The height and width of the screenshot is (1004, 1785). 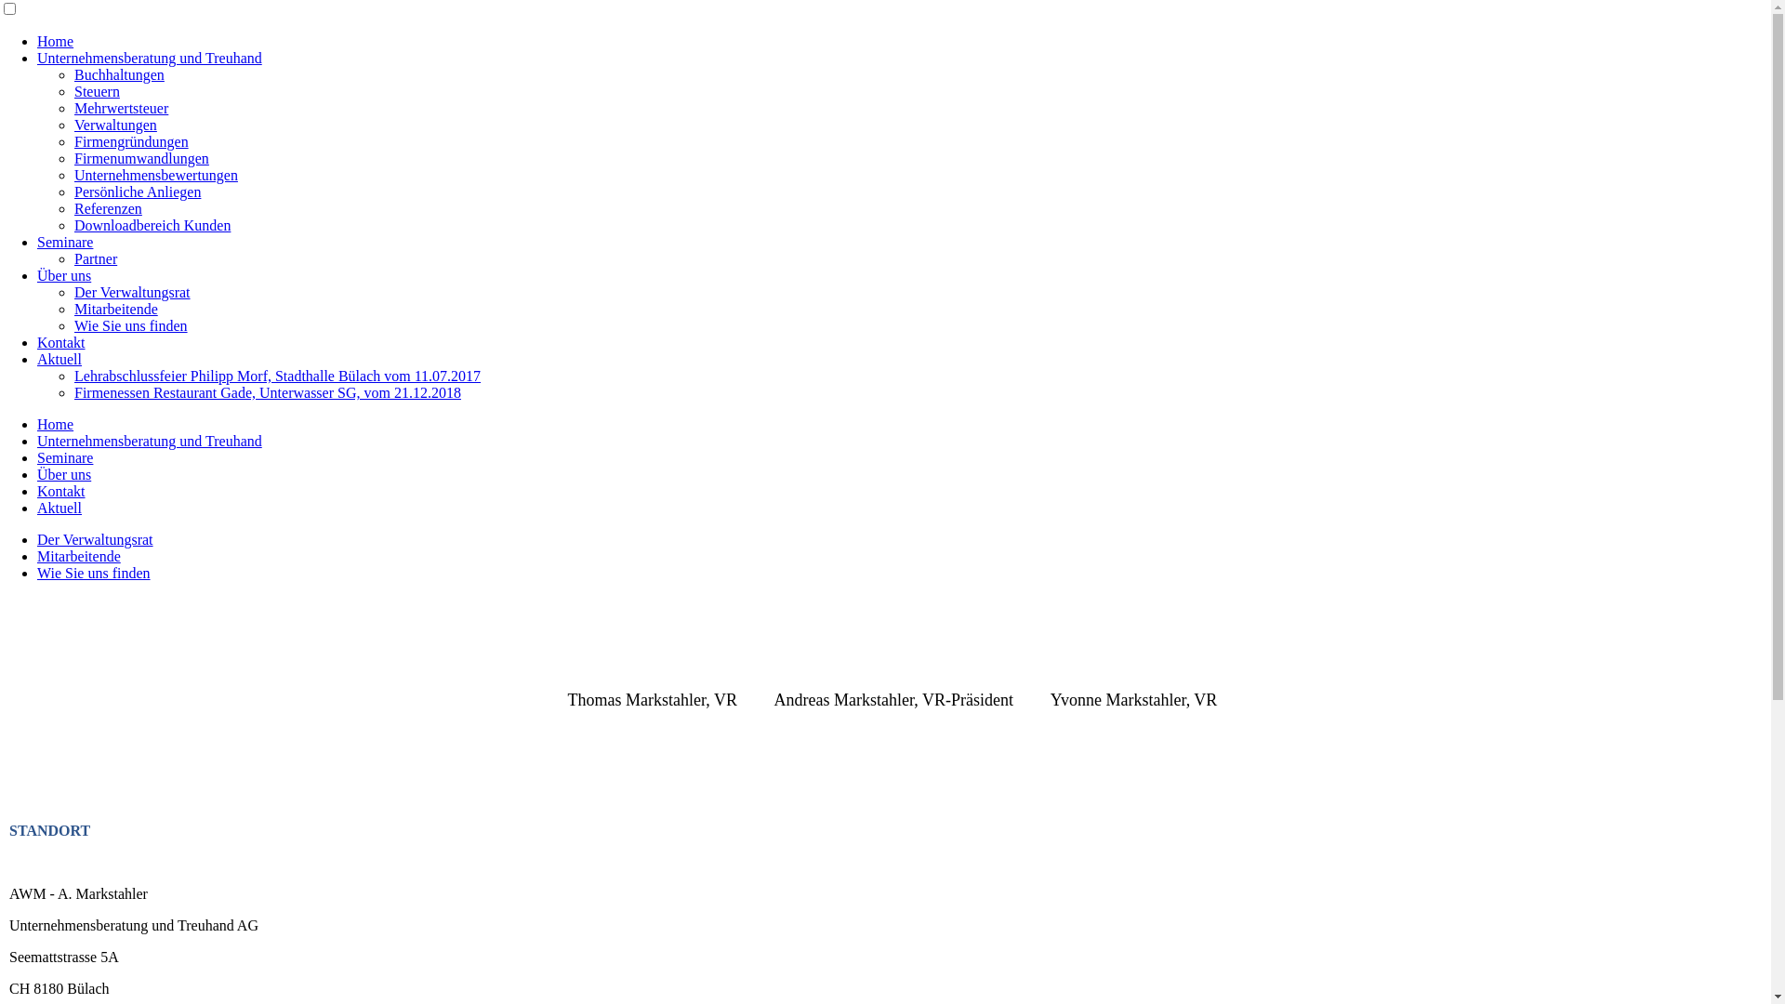 What do you see at coordinates (96, 91) in the screenshot?
I see `'Steuern'` at bounding box center [96, 91].